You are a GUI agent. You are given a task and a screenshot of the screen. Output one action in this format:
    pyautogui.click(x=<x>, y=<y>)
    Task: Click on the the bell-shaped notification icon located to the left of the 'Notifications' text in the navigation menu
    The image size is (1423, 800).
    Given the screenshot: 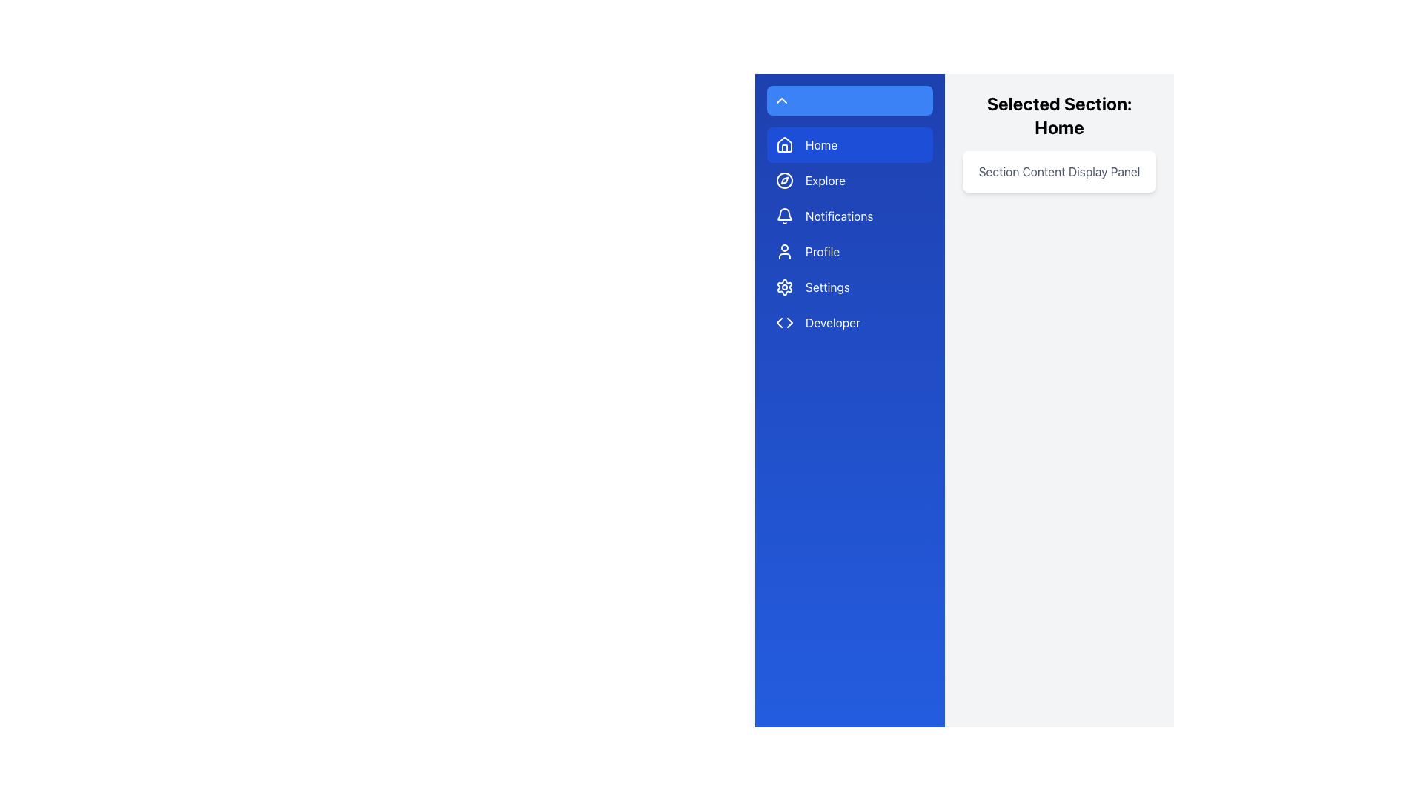 What is the action you would take?
    pyautogui.click(x=784, y=216)
    